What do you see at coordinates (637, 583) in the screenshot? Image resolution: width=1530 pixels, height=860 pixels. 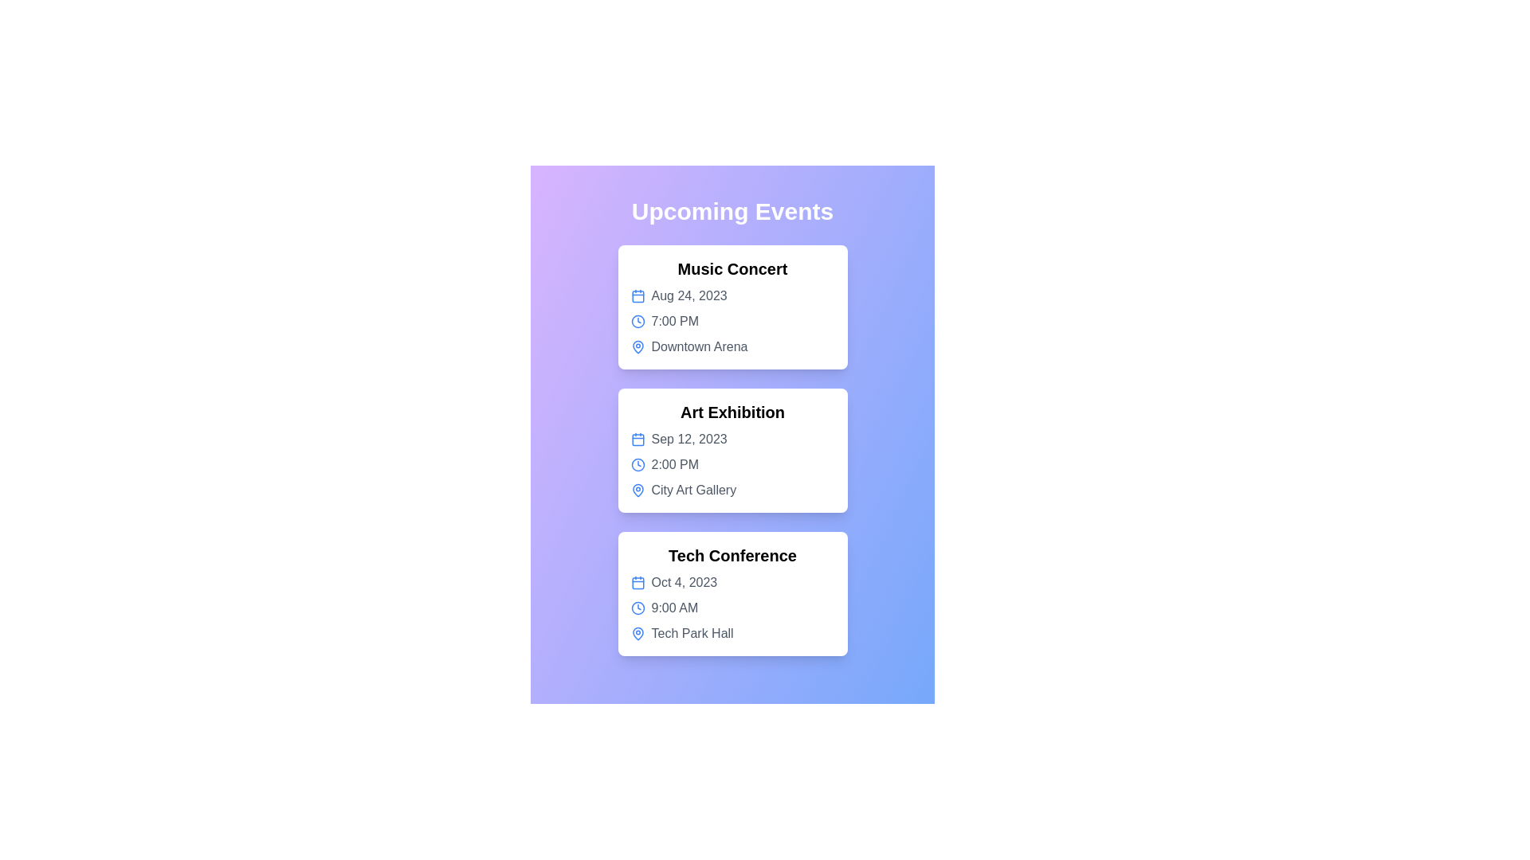 I see `the calendar icon with a blue stroke color, located to the left of the text 'Oct 4, 2023'` at bounding box center [637, 583].